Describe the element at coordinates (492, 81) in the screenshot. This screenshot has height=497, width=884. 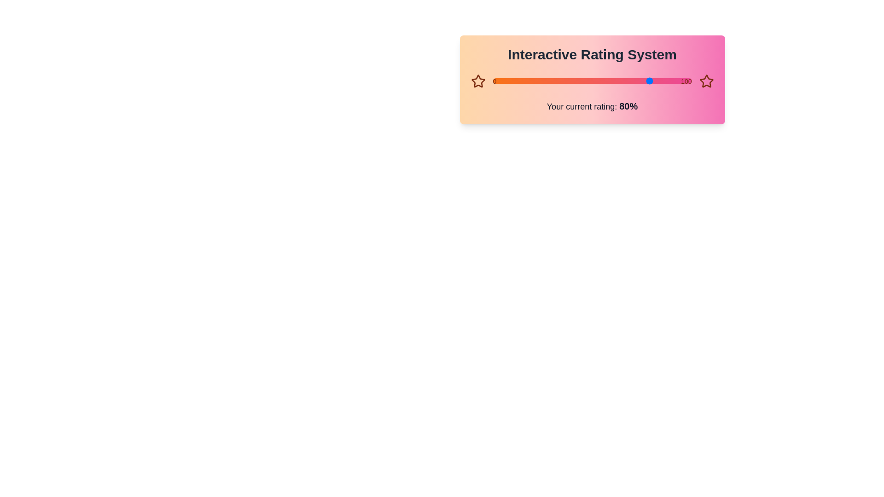
I see `the slider to set the rating to 27%` at that location.